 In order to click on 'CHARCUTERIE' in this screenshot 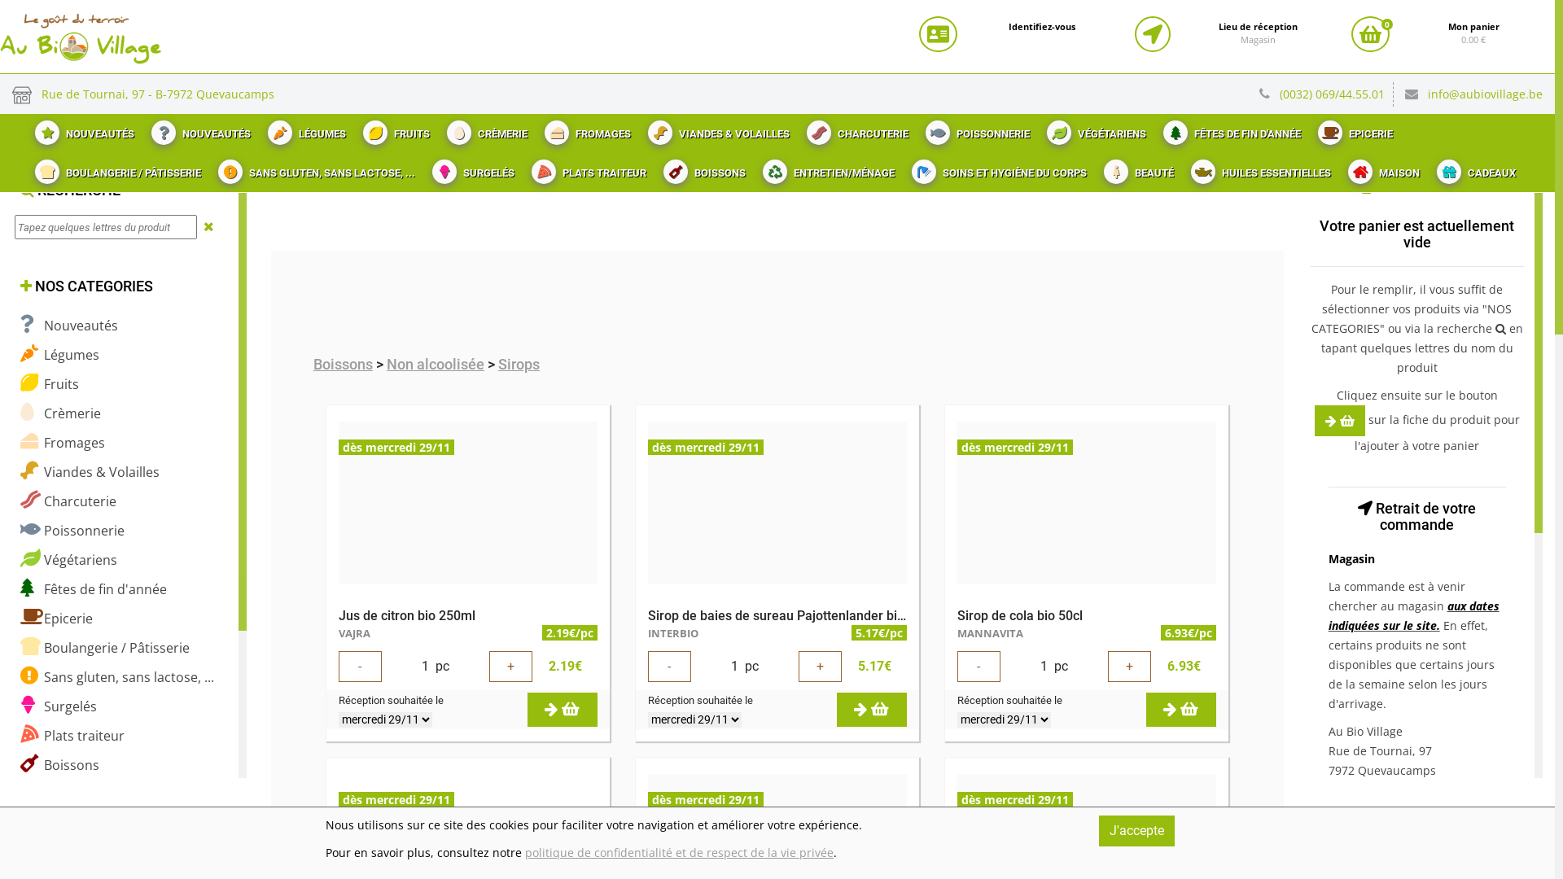, I will do `click(855, 128)`.